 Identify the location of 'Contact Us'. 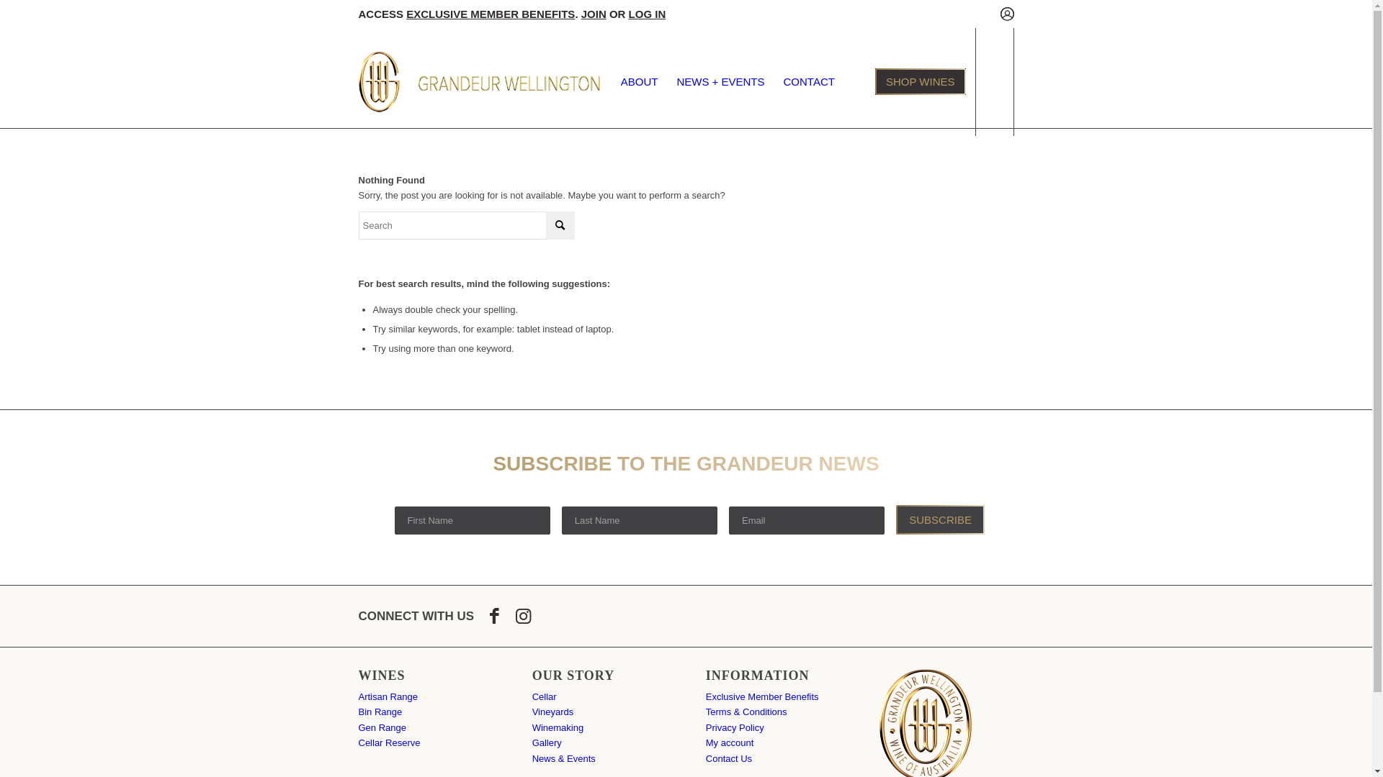
(729, 758).